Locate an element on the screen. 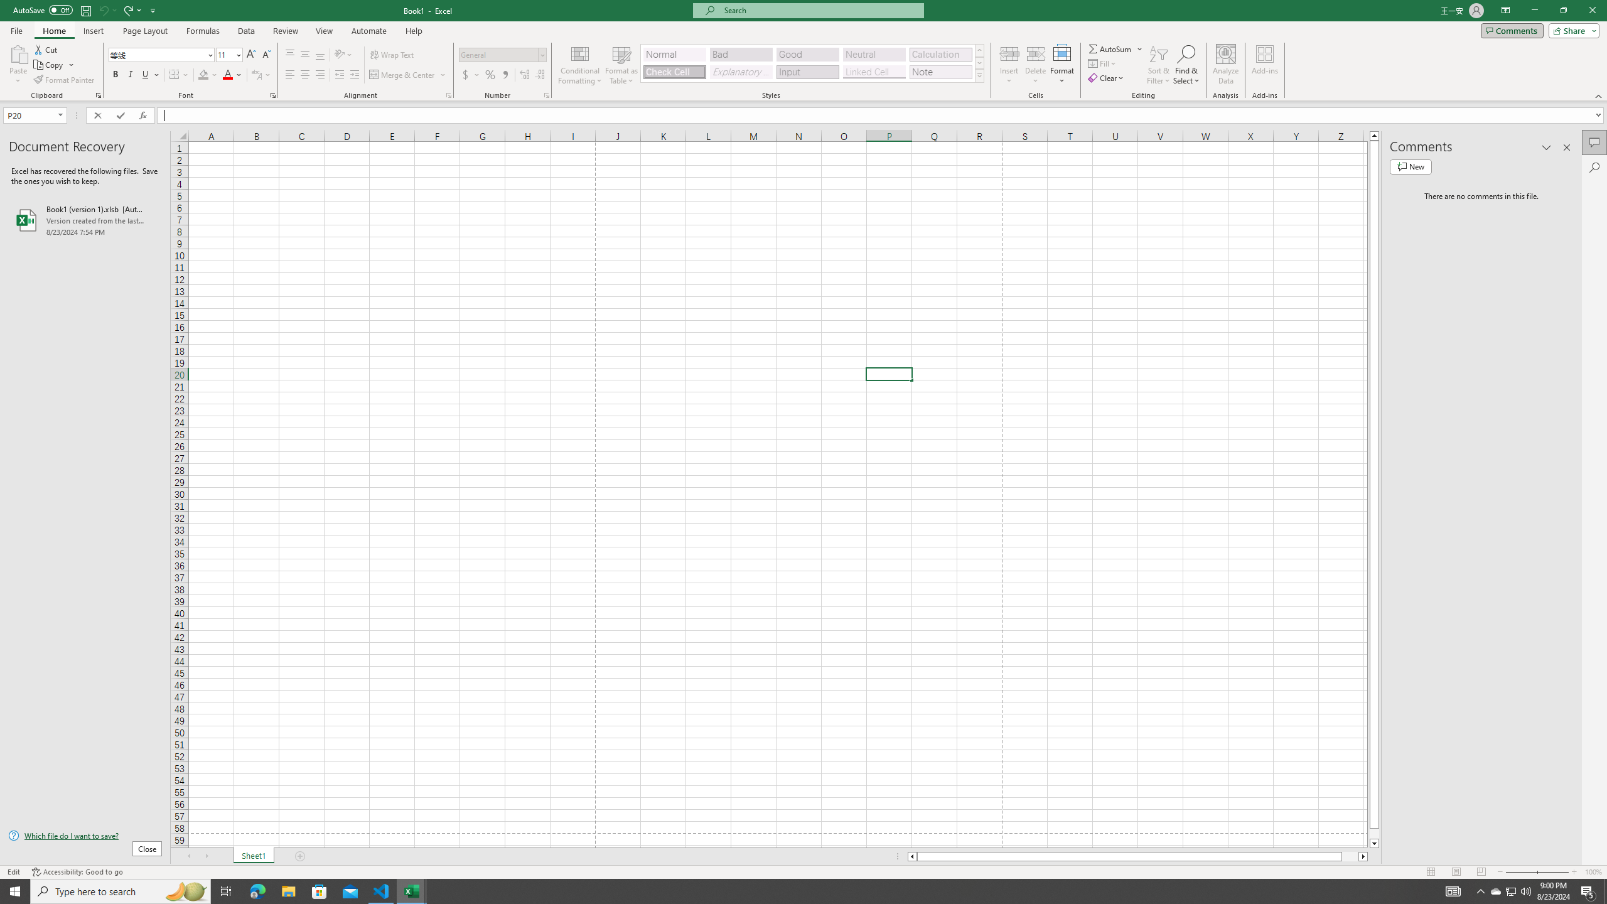  'Cut' is located at coordinates (46, 49).